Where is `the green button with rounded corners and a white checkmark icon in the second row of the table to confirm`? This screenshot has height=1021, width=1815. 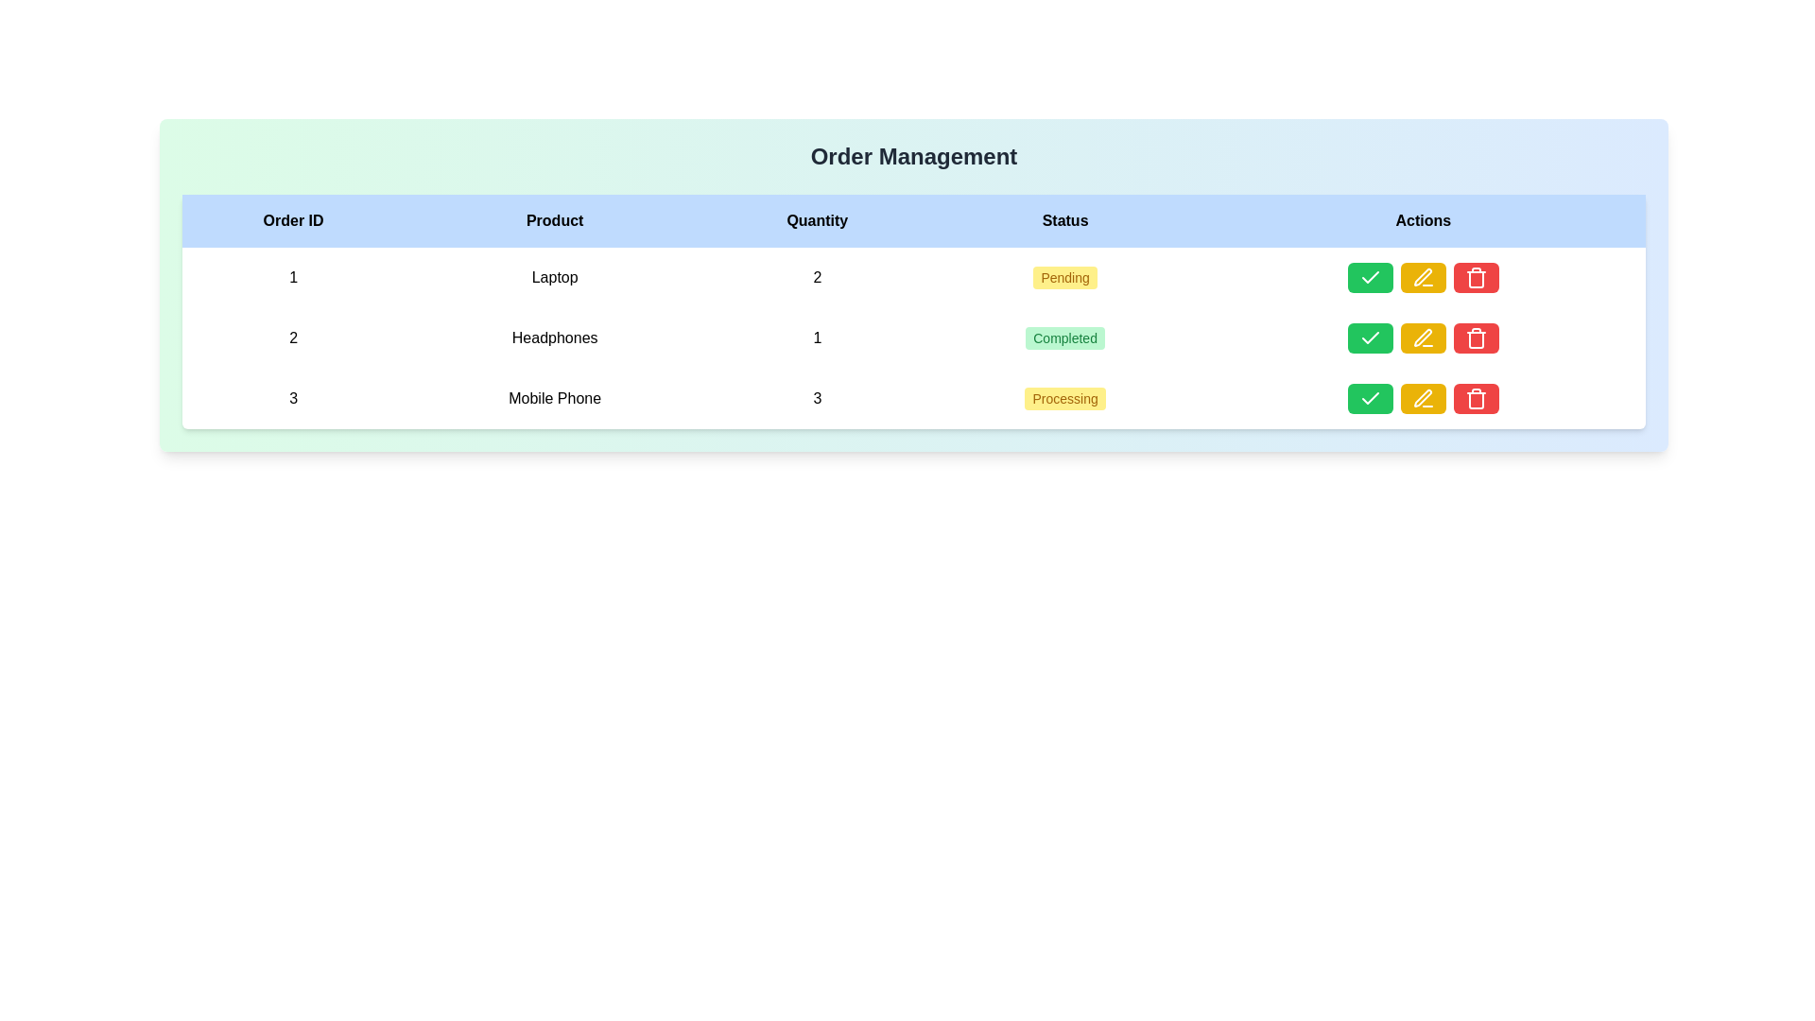
the green button with rounded corners and a white checkmark icon in the second row of the table to confirm is located at coordinates (1370, 337).